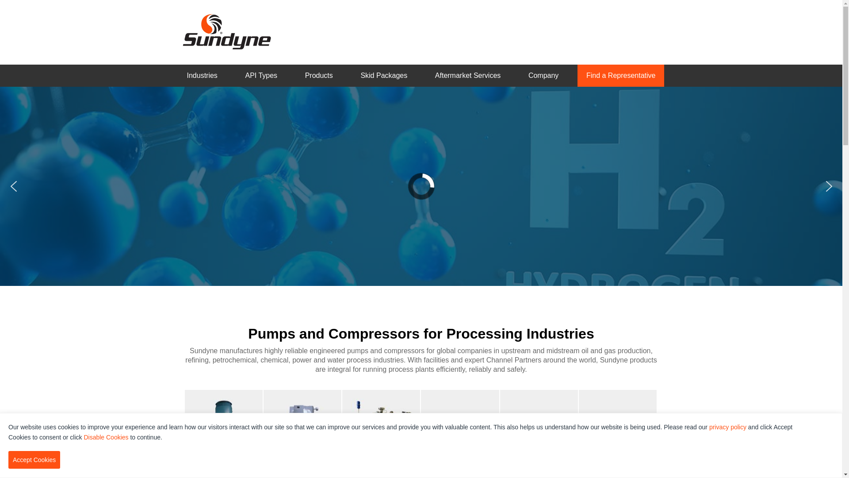  What do you see at coordinates (520, 75) in the screenshot?
I see `'Company'` at bounding box center [520, 75].